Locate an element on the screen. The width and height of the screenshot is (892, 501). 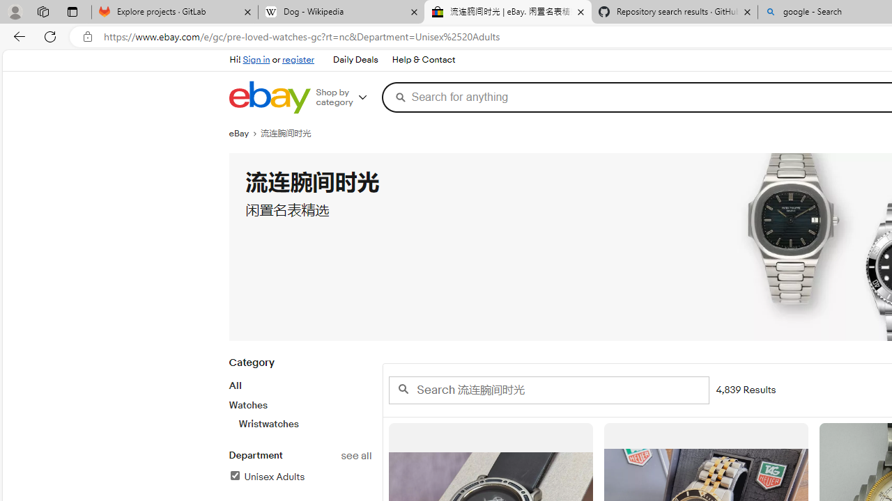
'Help & Contact' is located at coordinates (423, 60).